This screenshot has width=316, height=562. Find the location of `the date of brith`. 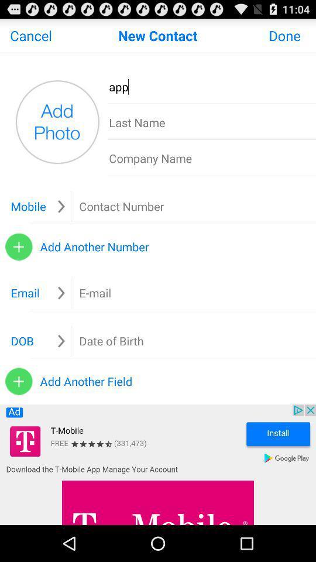

the date of brith is located at coordinates (111, 341).